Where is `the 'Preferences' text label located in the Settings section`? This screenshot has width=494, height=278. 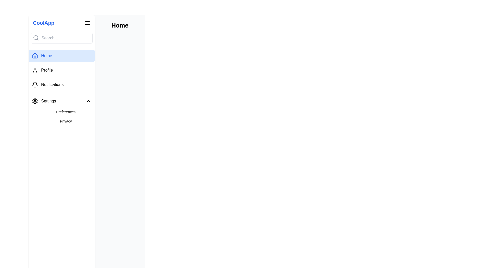 the 'Preferences' text label located in the Settings section is located at coordinates (65, 112).